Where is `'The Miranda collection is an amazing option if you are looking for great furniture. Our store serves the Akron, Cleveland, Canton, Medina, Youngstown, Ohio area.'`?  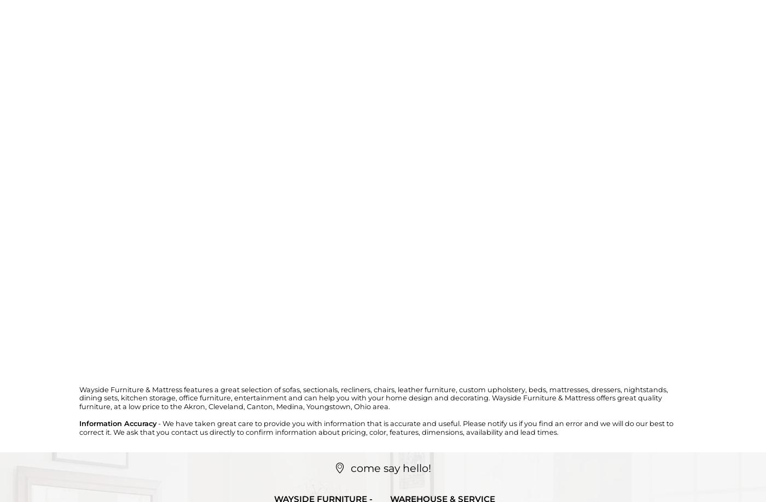
'The Miranda collection is an amazing option if you are looking for great furniture. Our store serves the Akron, Cleveland, Canton, Medina, Youngstown, Ohio area.' is located at coordinates (38, 262).